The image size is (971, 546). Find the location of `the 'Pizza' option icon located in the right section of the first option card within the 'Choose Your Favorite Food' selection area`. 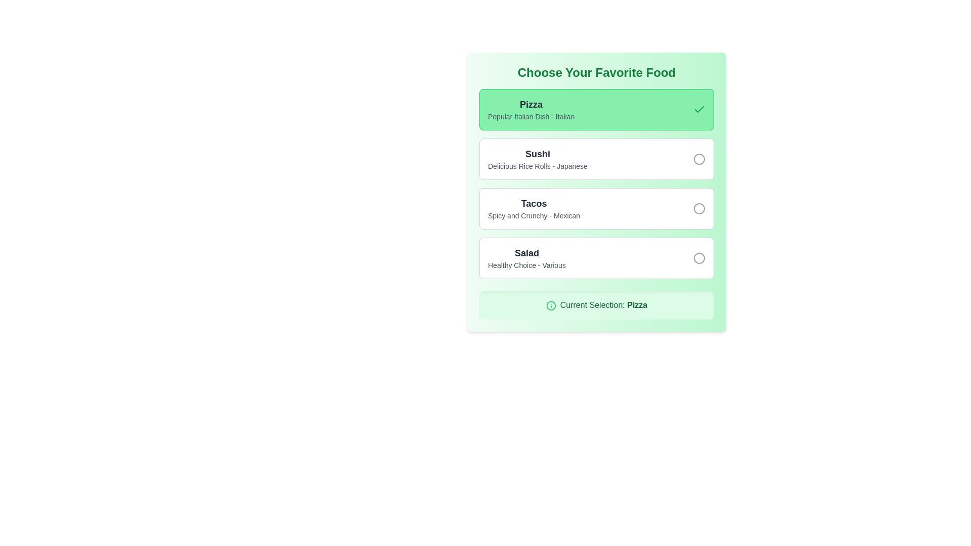

the 'Pizza' option icon located in the right section of the first option card within the 'Choose Your Favorite Food' selection area is located at coordinates (698, 109).